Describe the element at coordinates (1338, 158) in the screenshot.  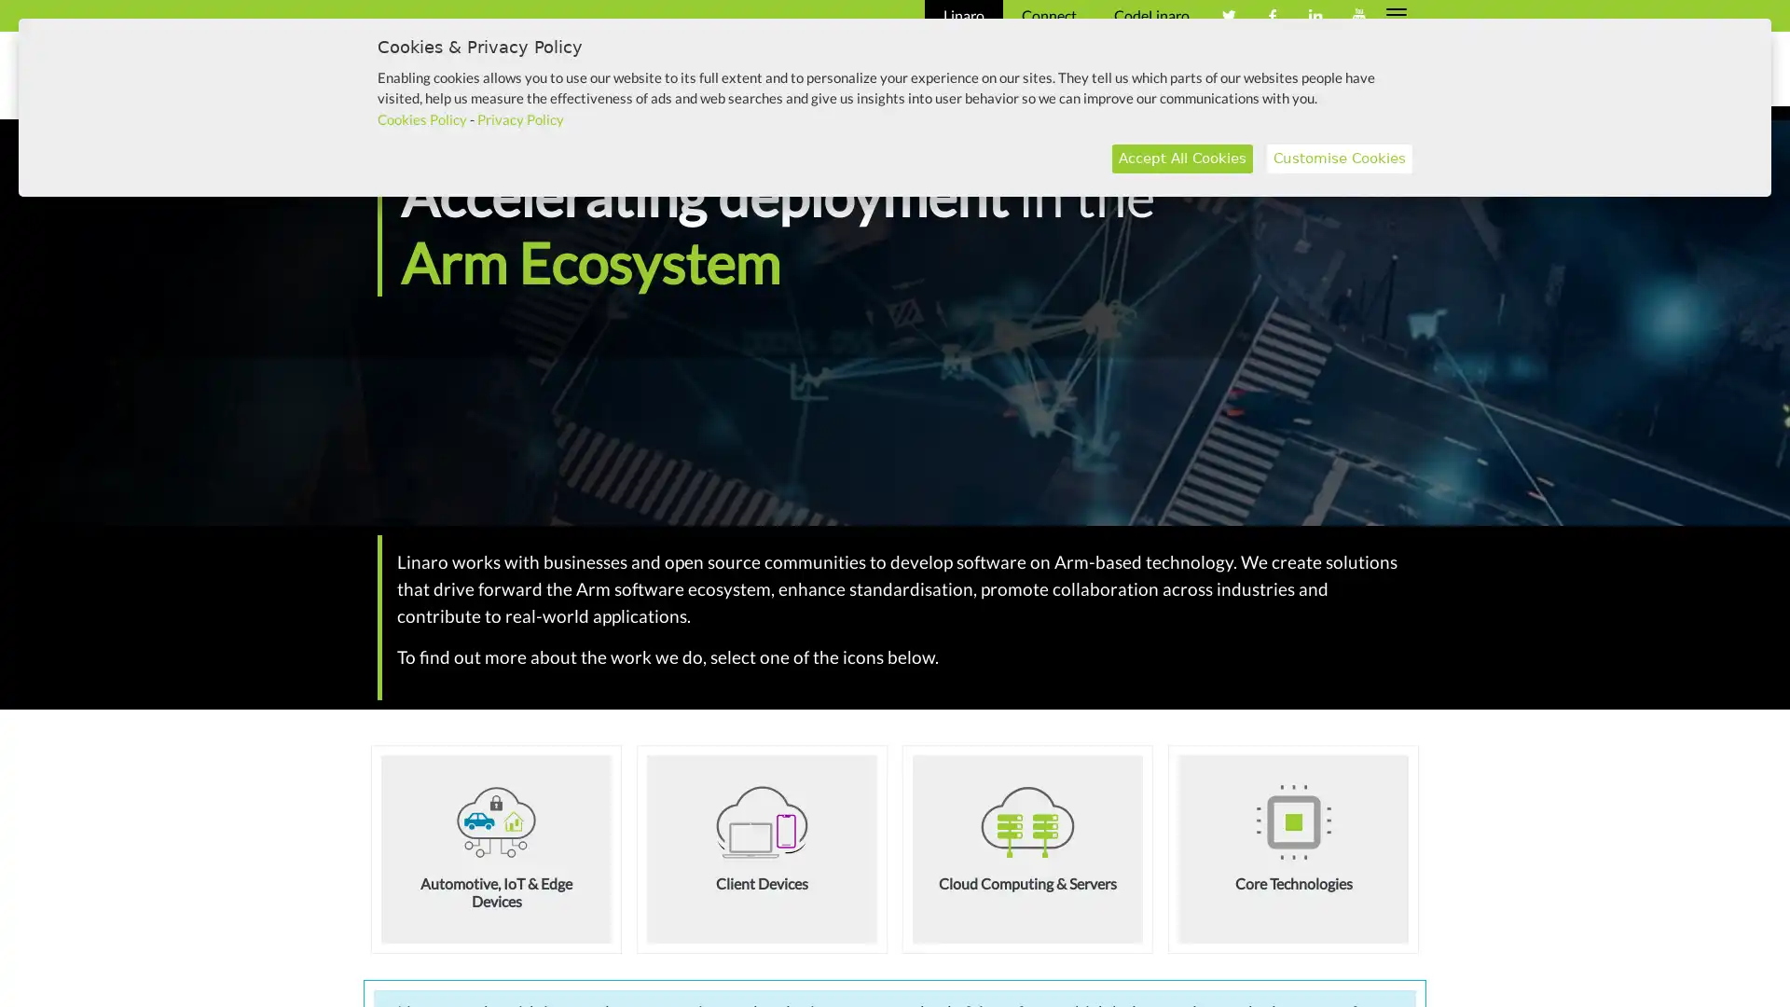
I see `Customise Cookies` at that location.